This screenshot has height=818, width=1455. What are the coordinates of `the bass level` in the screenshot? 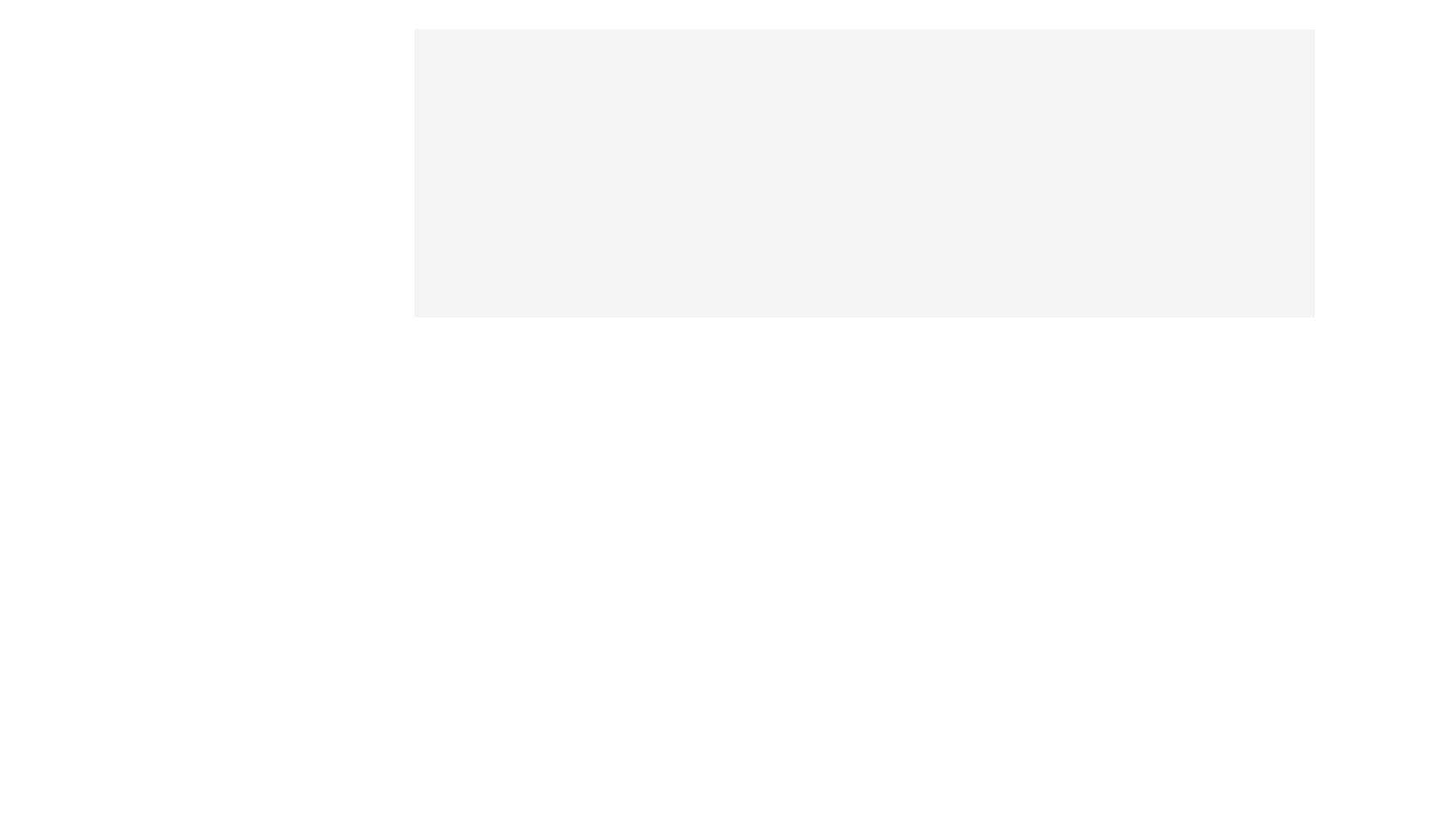 It's located at (937, 391).